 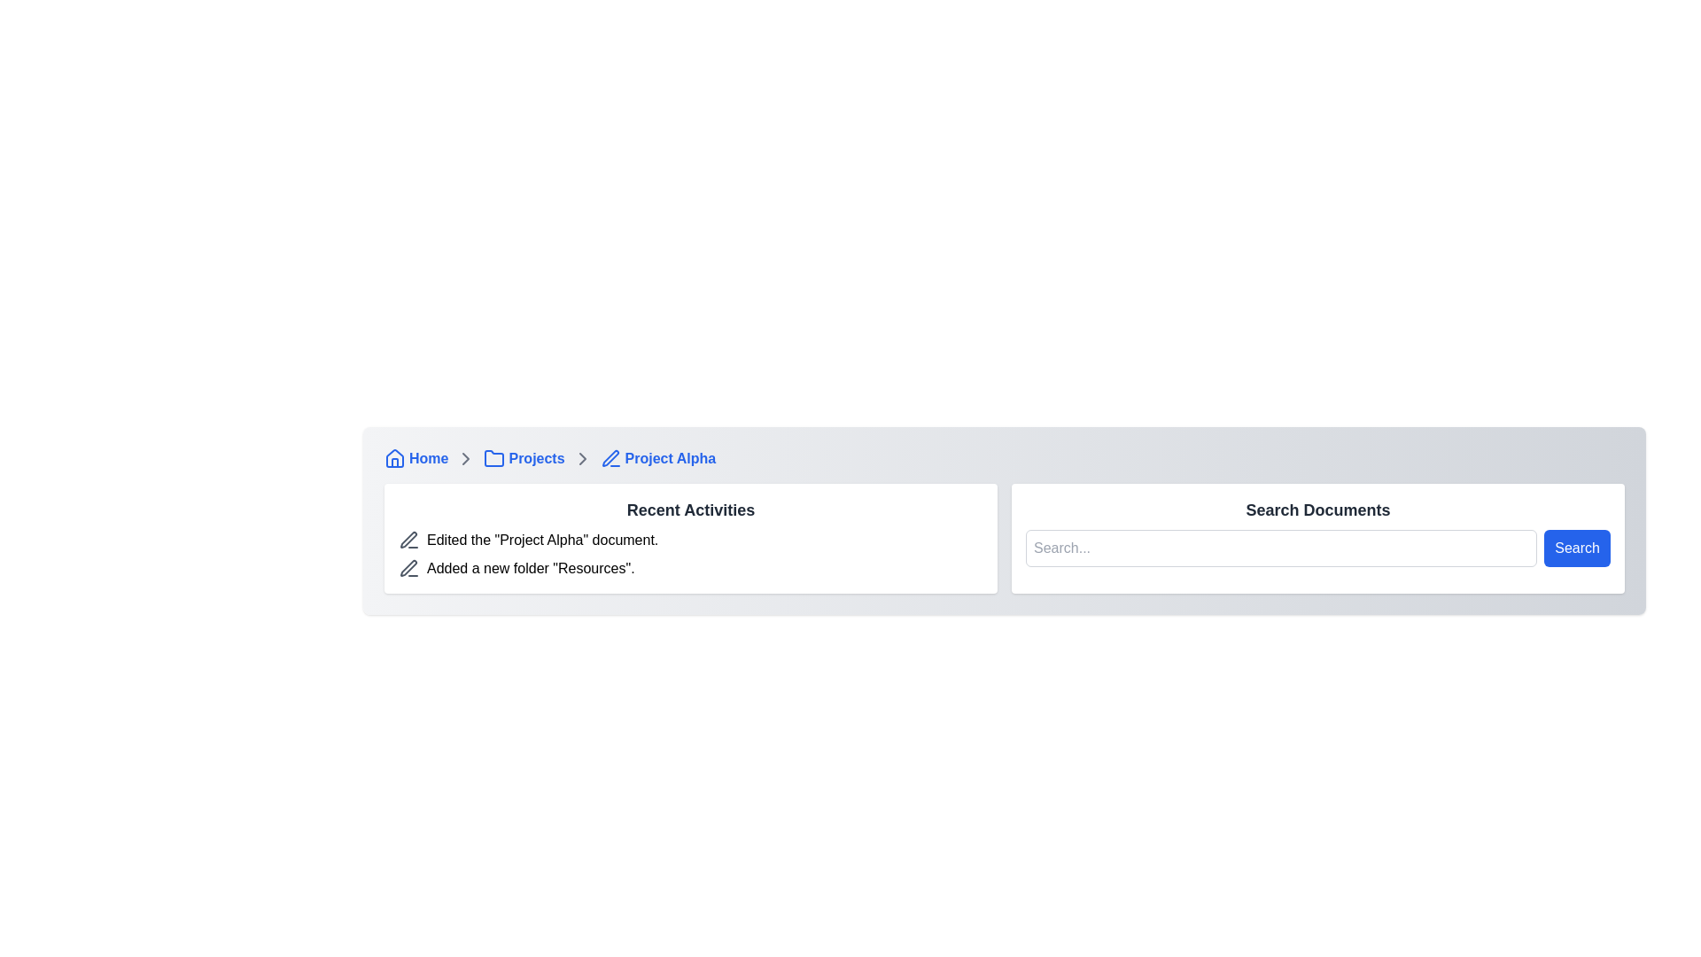 What do you see at coordinates (394, 457) in the screenshot?
I see `the blue outlined house icon located next to the 'Home' label in the navigation breadcrumb` at bounding box center [394, 457].